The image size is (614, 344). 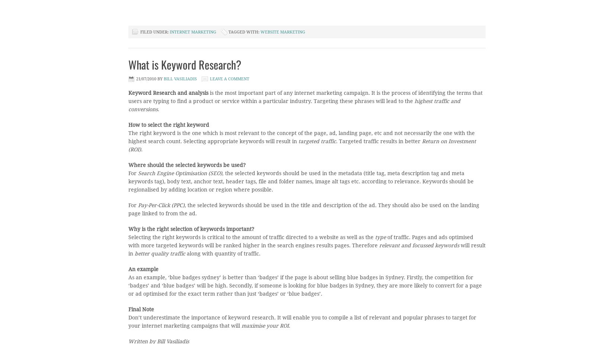 What do you see at coordinates (379, 141) in the screenshot?
I see `'. Targeted traffic results in better'` at bounding box center [379, 141].